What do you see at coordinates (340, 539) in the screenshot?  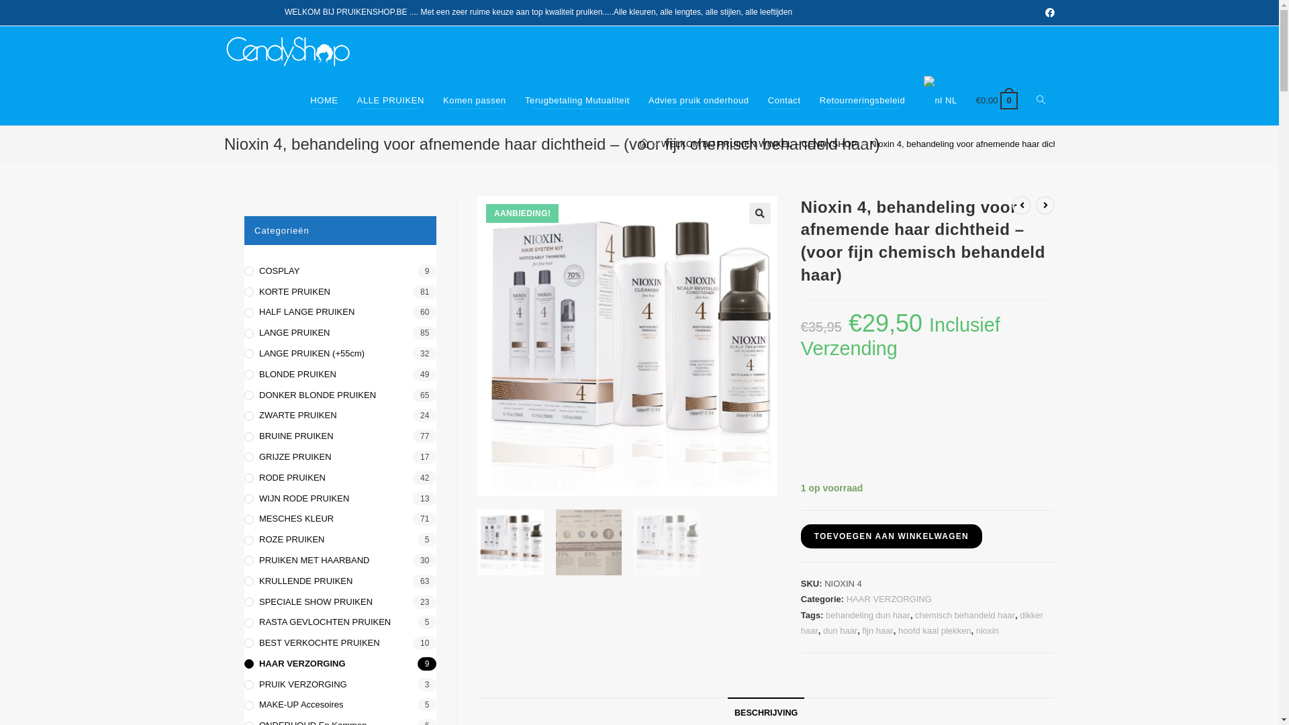 I see `'ROZE PRUIKEN'` at bounding box center [340, 539].